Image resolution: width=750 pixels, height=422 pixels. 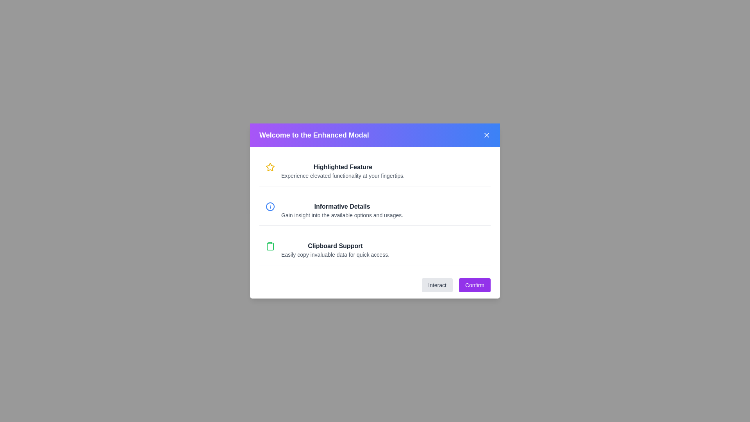 What do you see at coordinates (375, 250) in the screenshot?
I see `the clipboard support feature description card located at the bottom of the modal dialog box, just above the 'Interact' and 'Confirm' buttons, to interact with the feature` at bounding box center [375, 250].